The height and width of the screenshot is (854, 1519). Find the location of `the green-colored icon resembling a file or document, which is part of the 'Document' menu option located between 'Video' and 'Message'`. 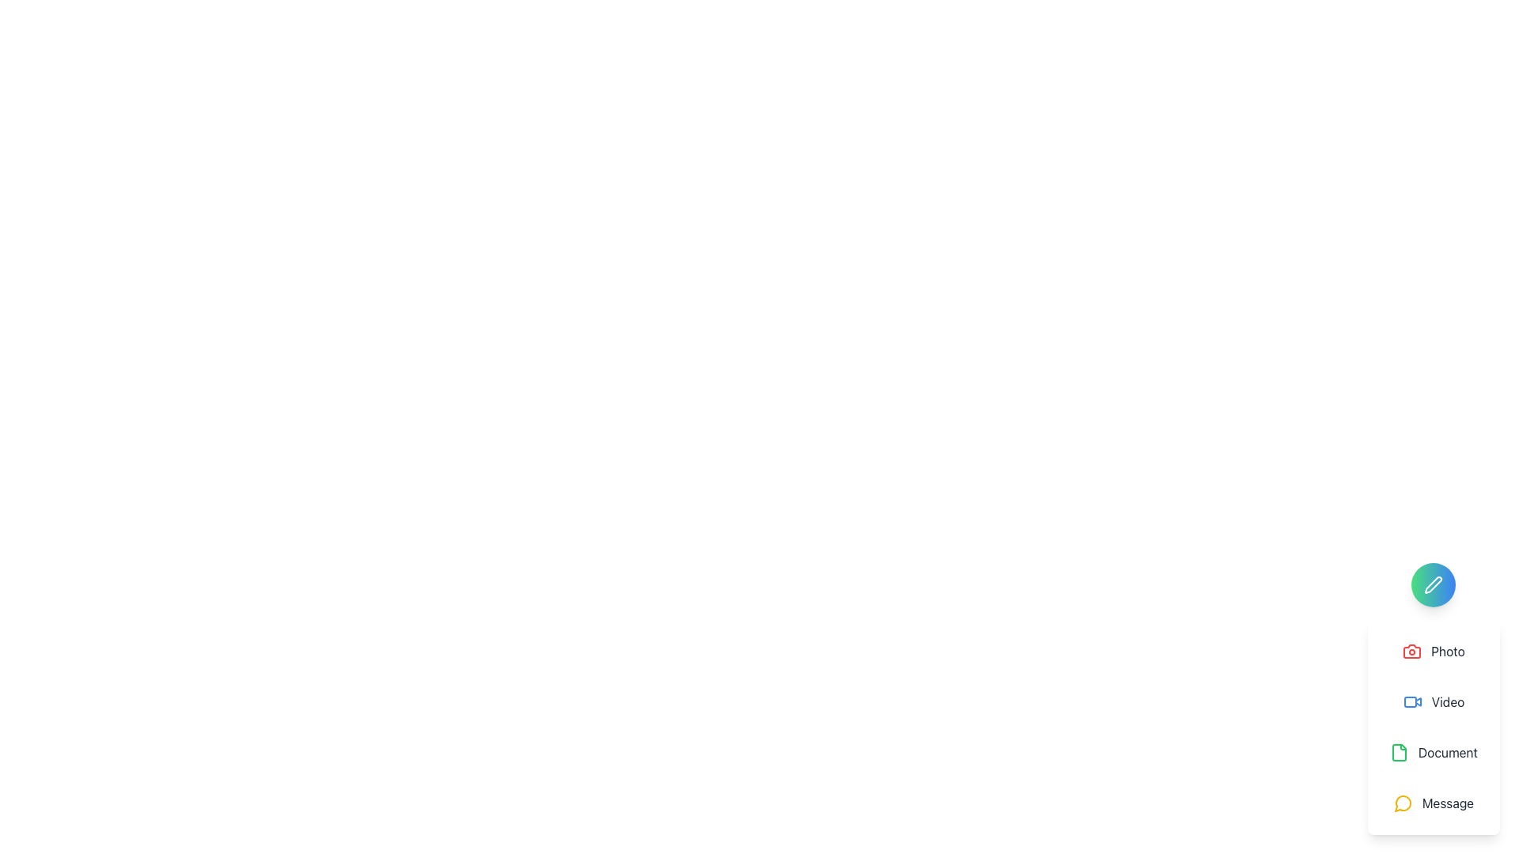

the green-colored icon resembling a file or document, which is part of the 'Document' menu option located between 'Video' and 'Message' is located at coordinates (1399, 752).